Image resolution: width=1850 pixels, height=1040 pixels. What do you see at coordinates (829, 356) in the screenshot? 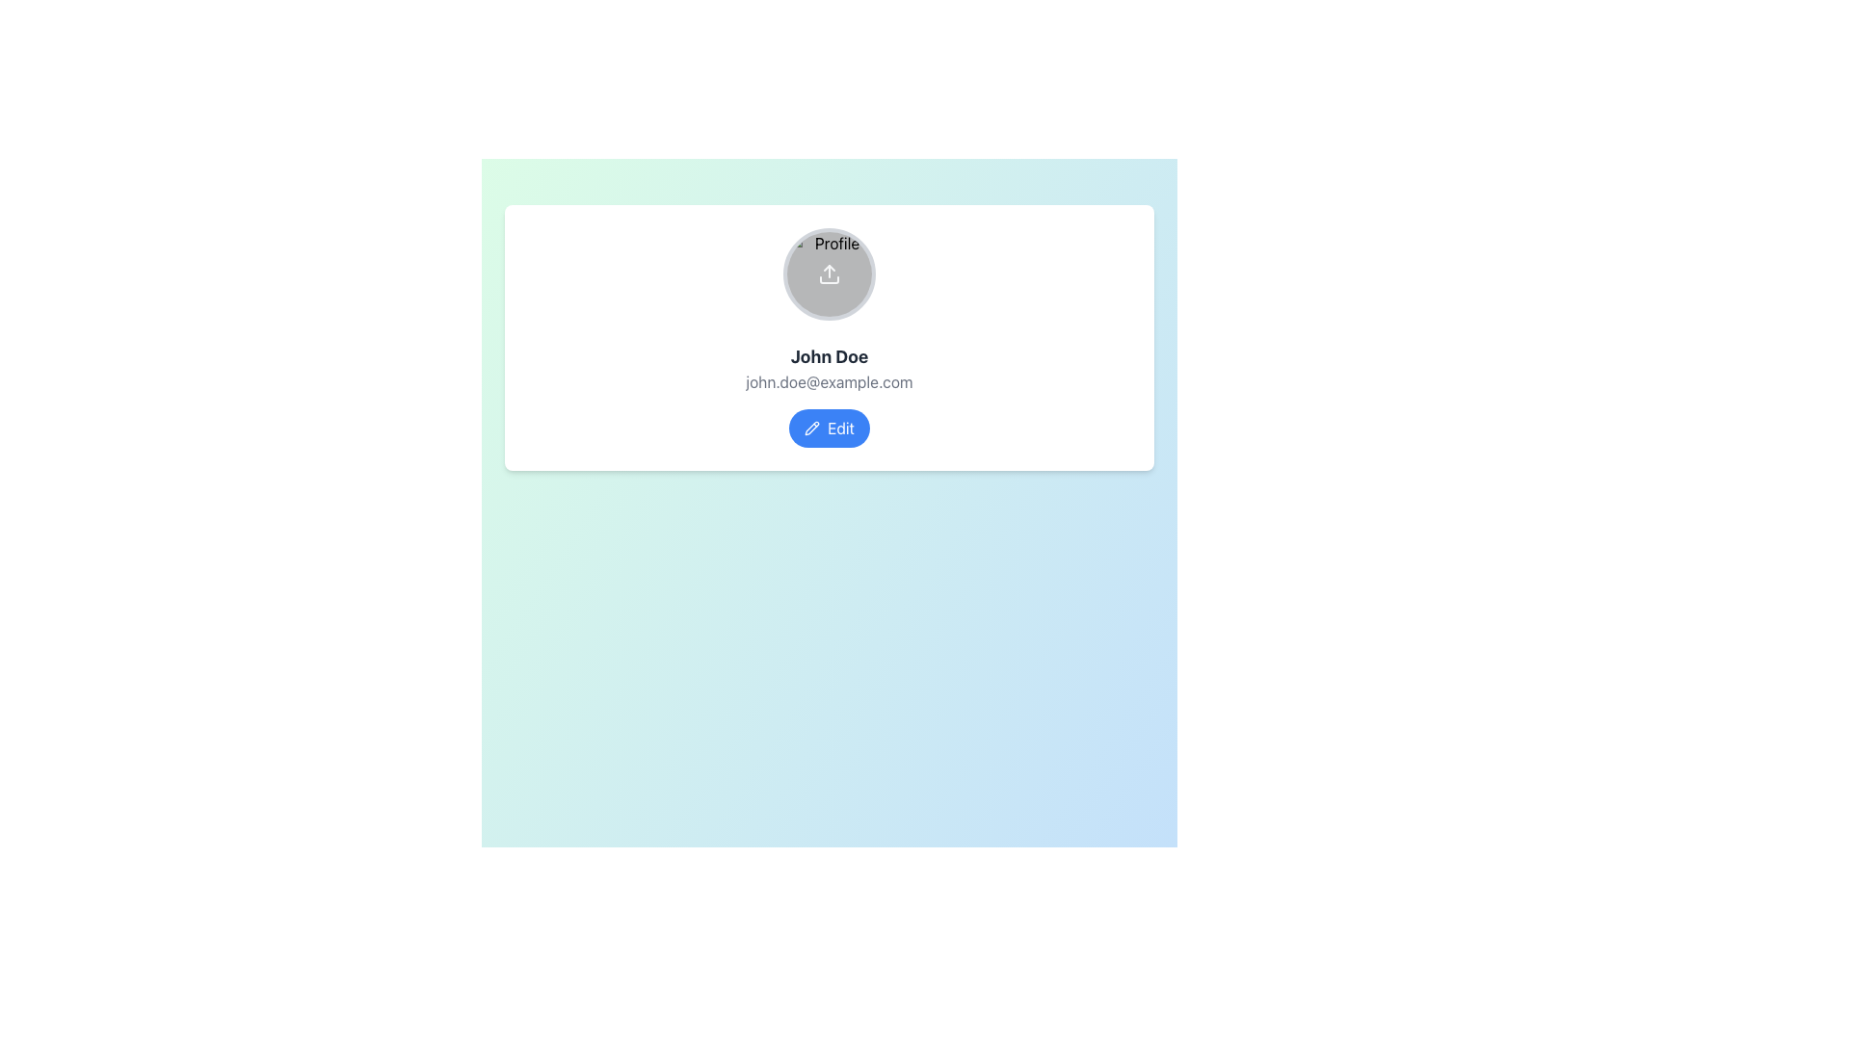
I see `the static text label displaying the user's name, which is positioned above the email text and below the profile icon in the centered card layout` at bounding box center [829, 356].